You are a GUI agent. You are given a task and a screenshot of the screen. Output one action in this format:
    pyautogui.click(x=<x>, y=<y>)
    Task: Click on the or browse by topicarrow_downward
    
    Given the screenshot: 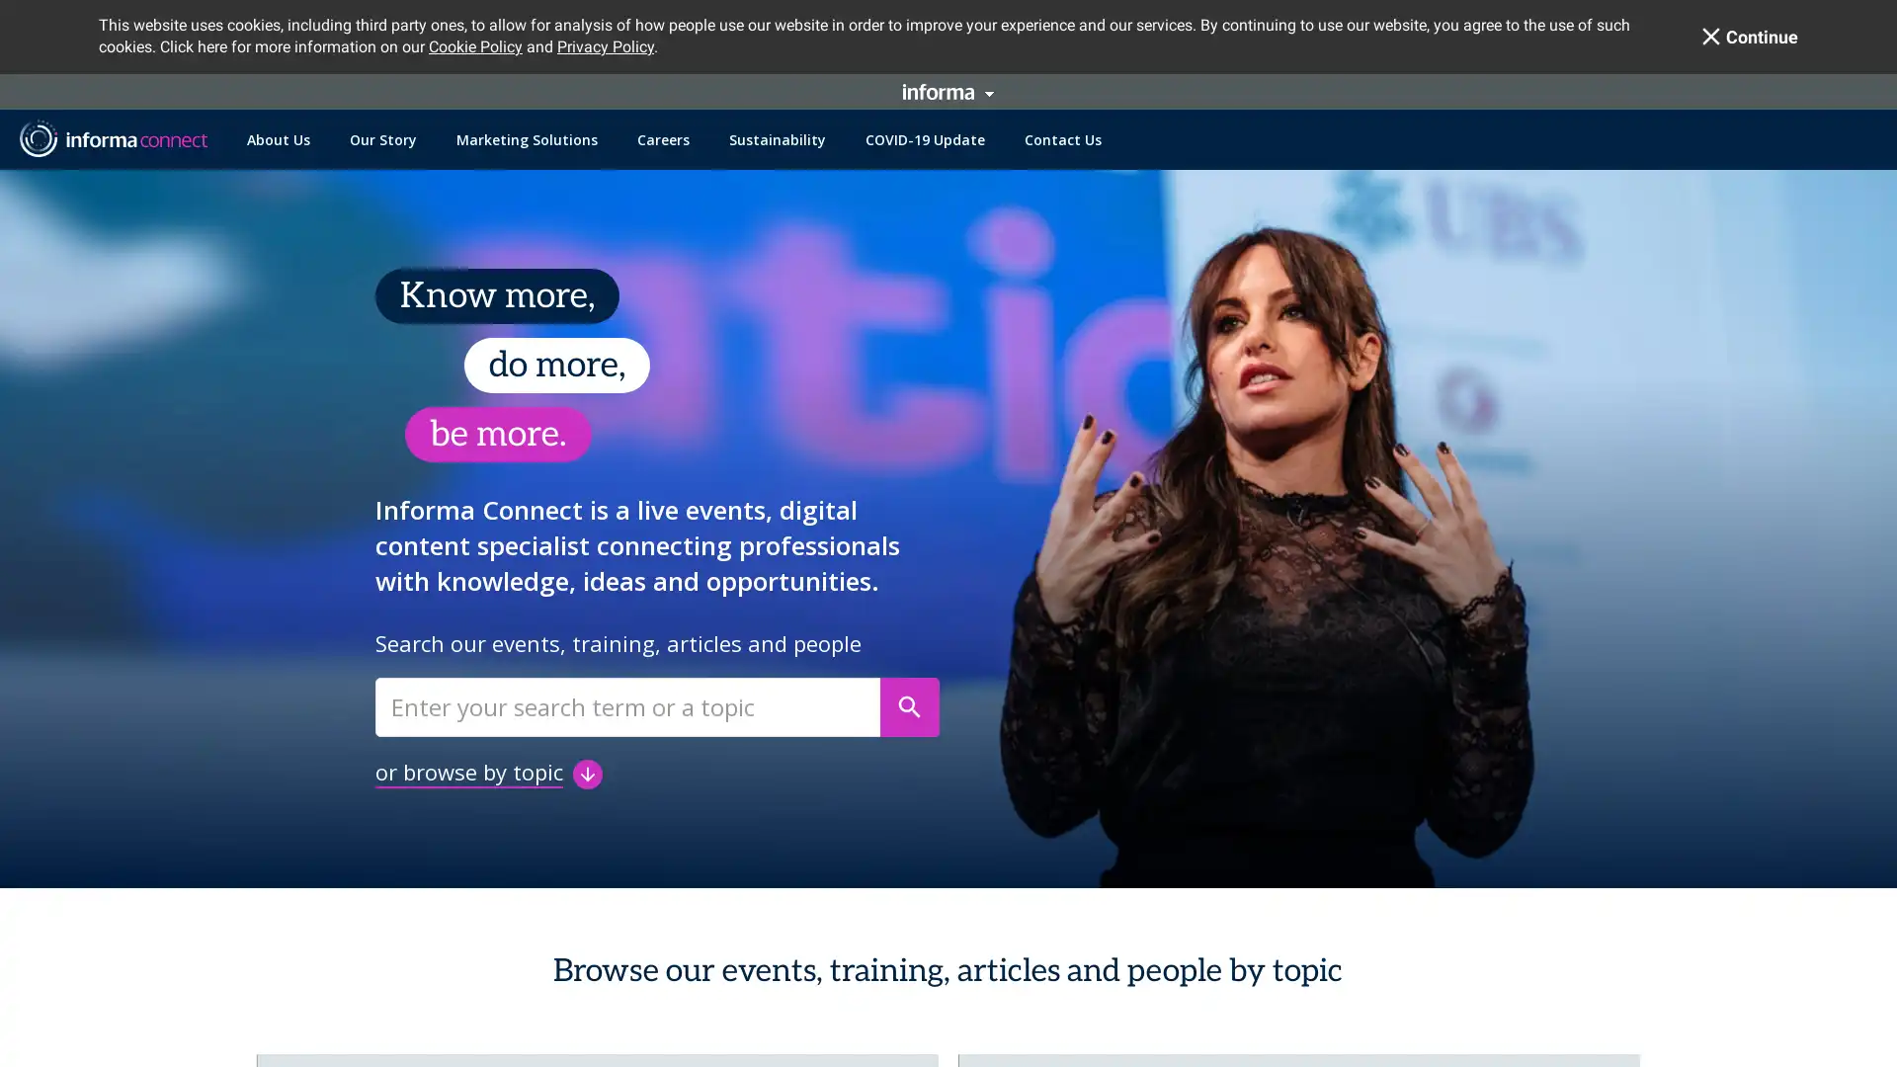 What is the action you would take?
    pyautogui.click(x=488, y=772)
    